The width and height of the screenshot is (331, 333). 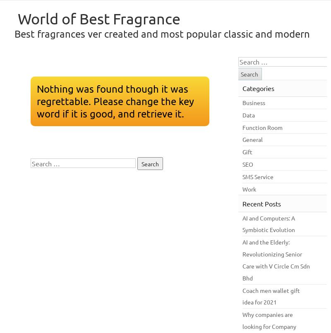 What do you see at coordinates (305, 265) in the screenshot?
I see `'Sdn'` at bounding box center [305, 265].